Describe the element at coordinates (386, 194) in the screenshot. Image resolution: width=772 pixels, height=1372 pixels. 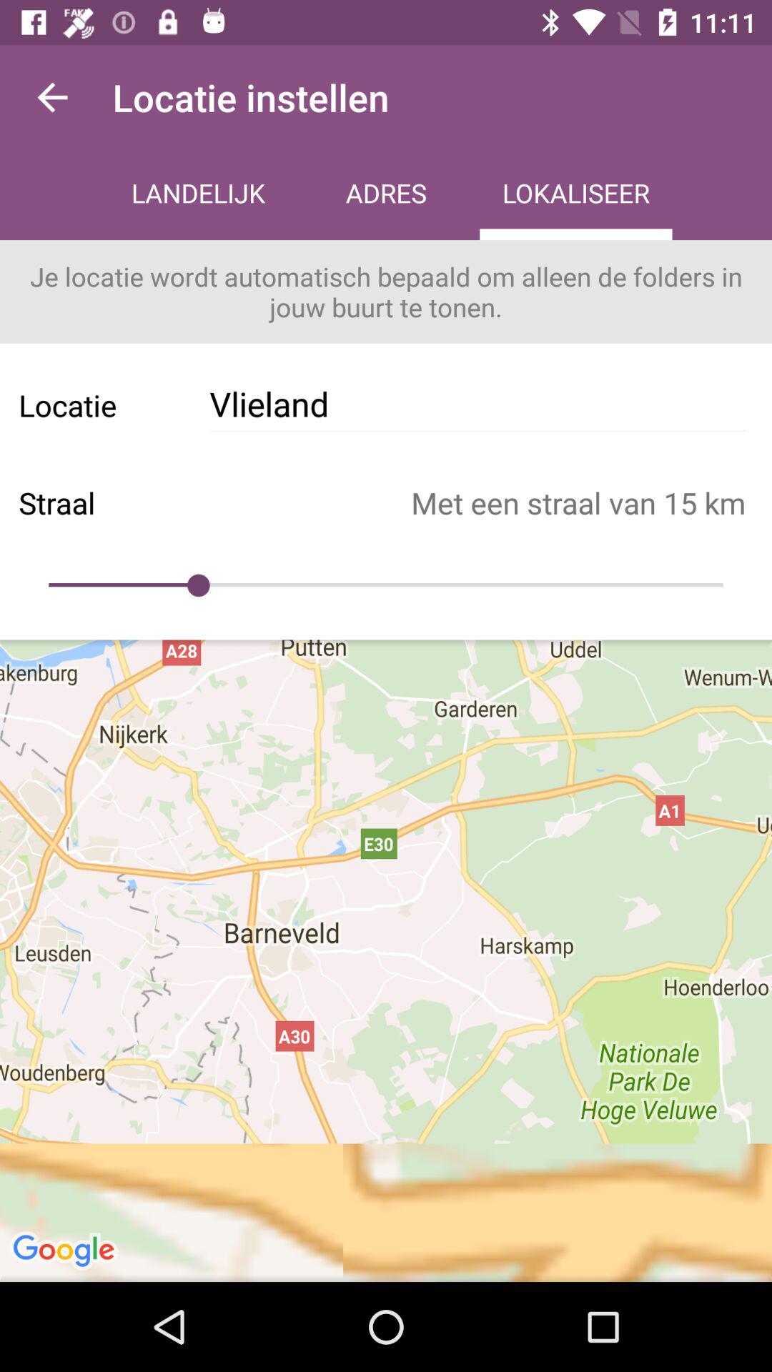
I see `the adres item` at that location.